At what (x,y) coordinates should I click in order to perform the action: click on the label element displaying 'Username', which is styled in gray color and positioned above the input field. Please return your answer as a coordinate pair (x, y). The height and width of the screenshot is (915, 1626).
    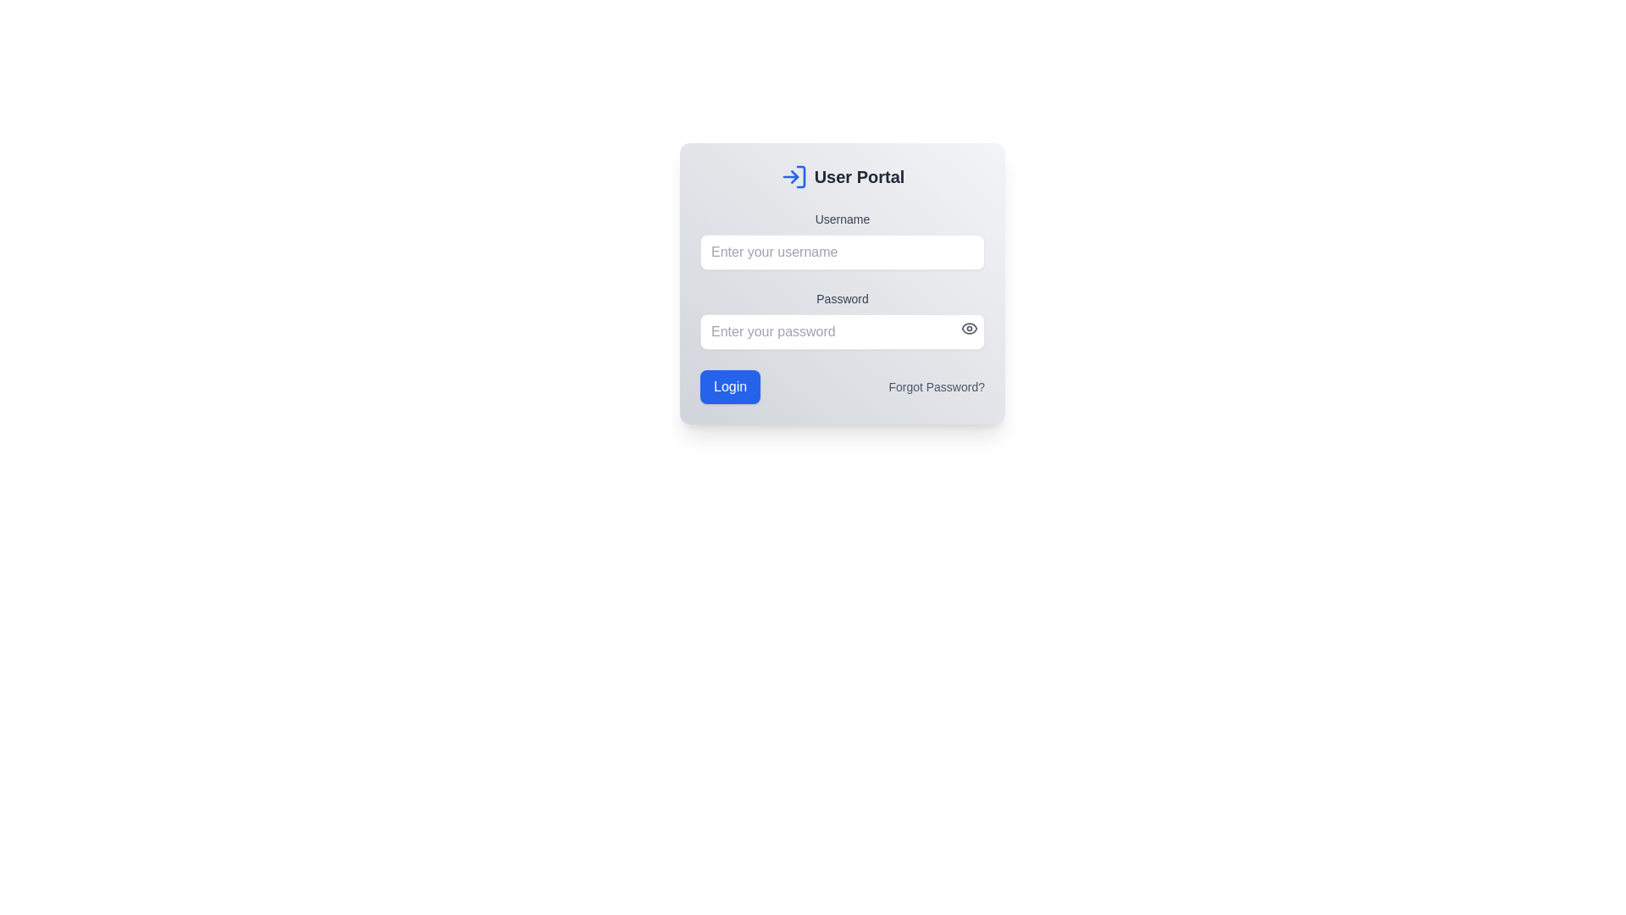
    Looking at the image, I should click on (842, 218).